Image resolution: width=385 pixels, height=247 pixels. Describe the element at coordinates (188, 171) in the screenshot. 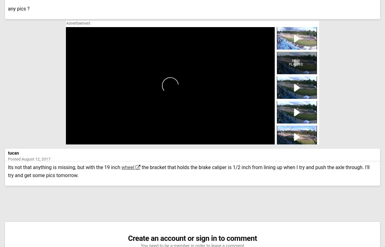

I see `'the bracket that holds the brake caliper is 1/2 inch from lining up when I try and push the axle through. I'll try and get some pics tomorrow.'` at that location.